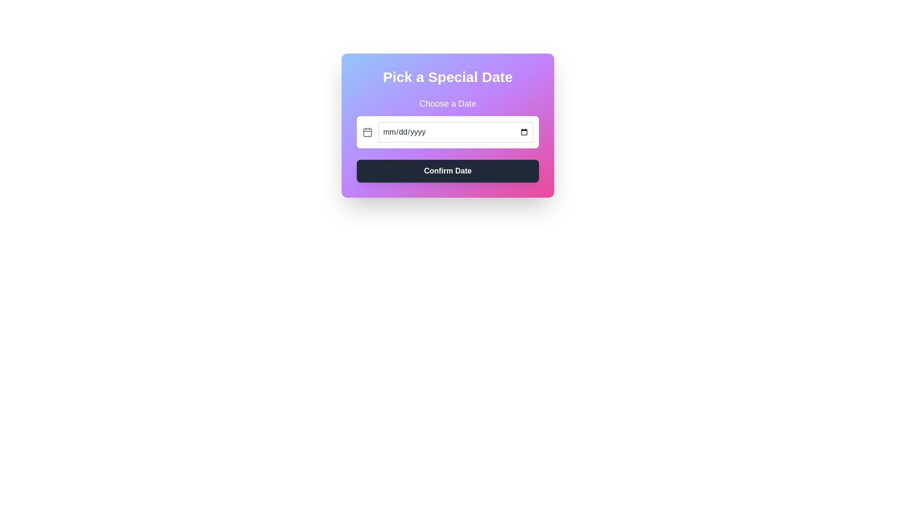 Image resolution: width=911 pixels, height=512 pixels. What do you see at coordinates (447, 171) in the screenshot?
I see `the confirm button located under the 'Choose a Date' input field in the centered modal window to confirm the selected date` at bounding box center [447, 171].